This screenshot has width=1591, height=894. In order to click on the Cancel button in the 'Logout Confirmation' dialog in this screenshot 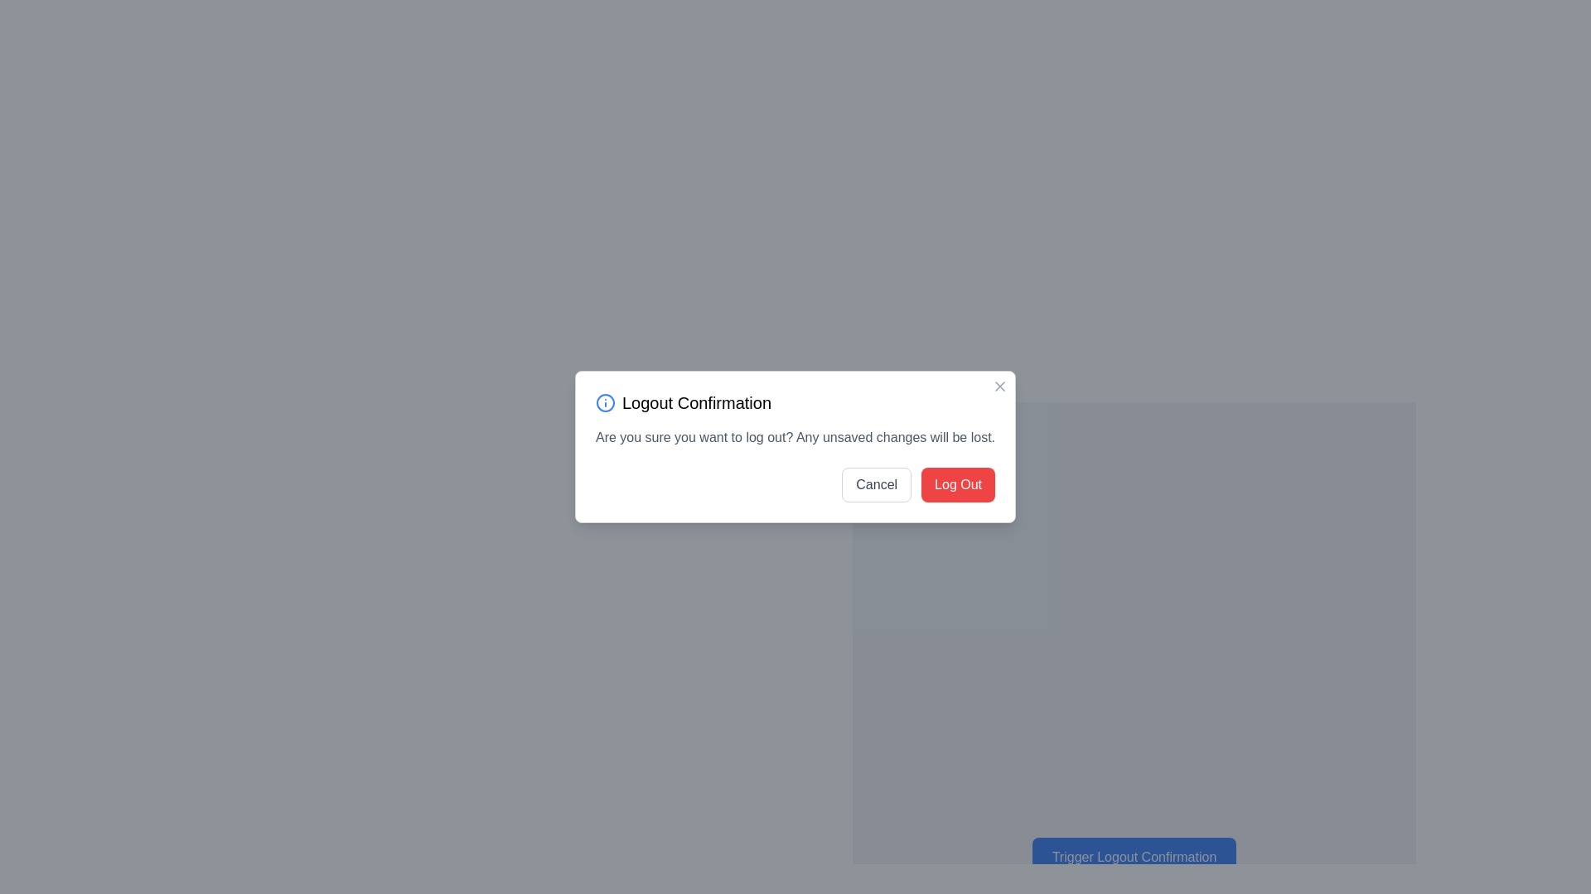, I will do `click(876, 484)`.